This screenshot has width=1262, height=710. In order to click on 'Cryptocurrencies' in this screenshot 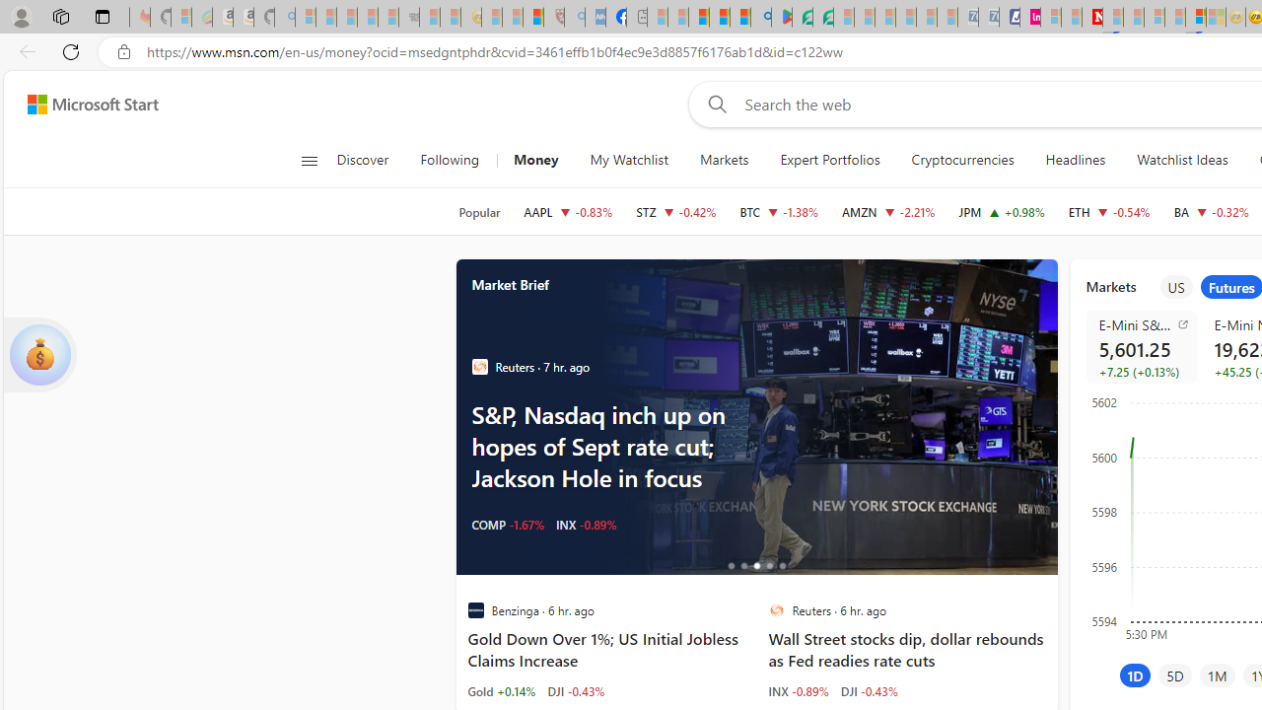, I will do `click(962, 160)`.